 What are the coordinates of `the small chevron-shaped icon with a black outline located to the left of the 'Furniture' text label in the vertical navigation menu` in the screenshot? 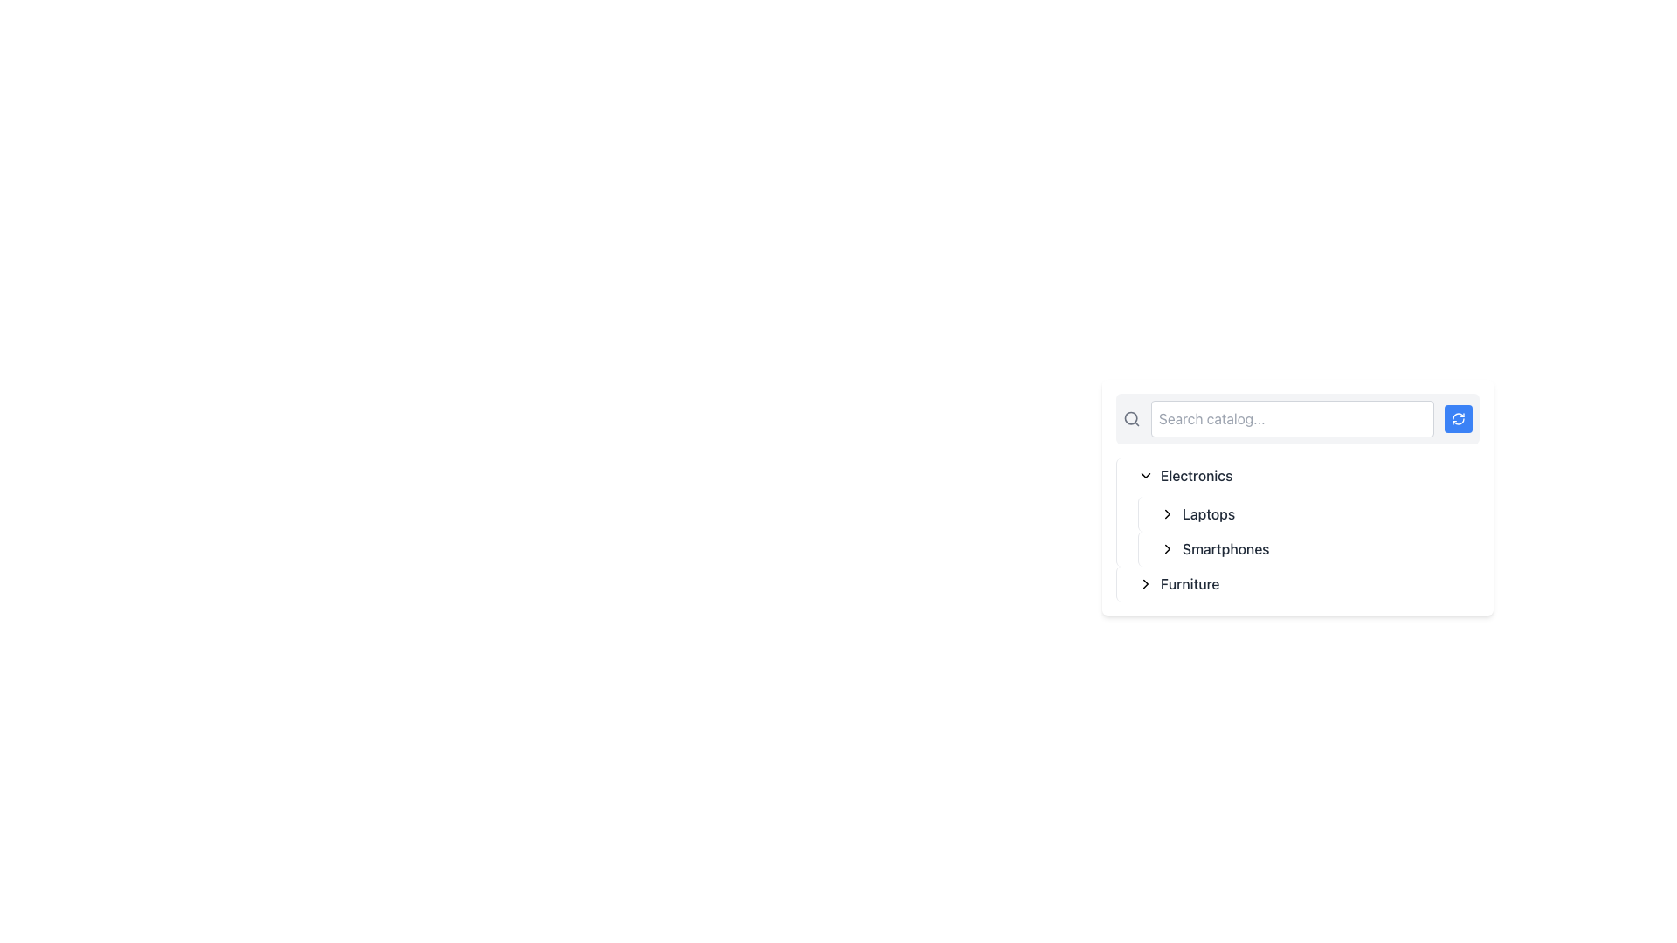 It's located at (1145, 583).